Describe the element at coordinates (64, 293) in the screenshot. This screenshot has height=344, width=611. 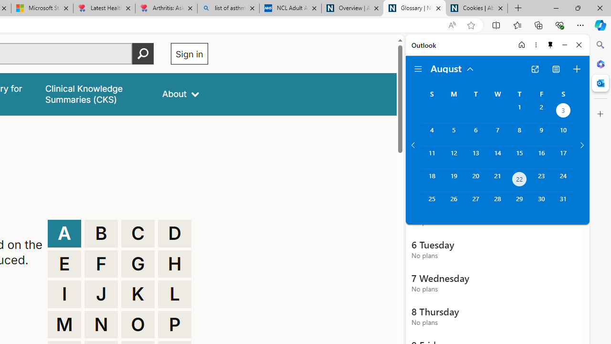
I see `'I'` at that location.